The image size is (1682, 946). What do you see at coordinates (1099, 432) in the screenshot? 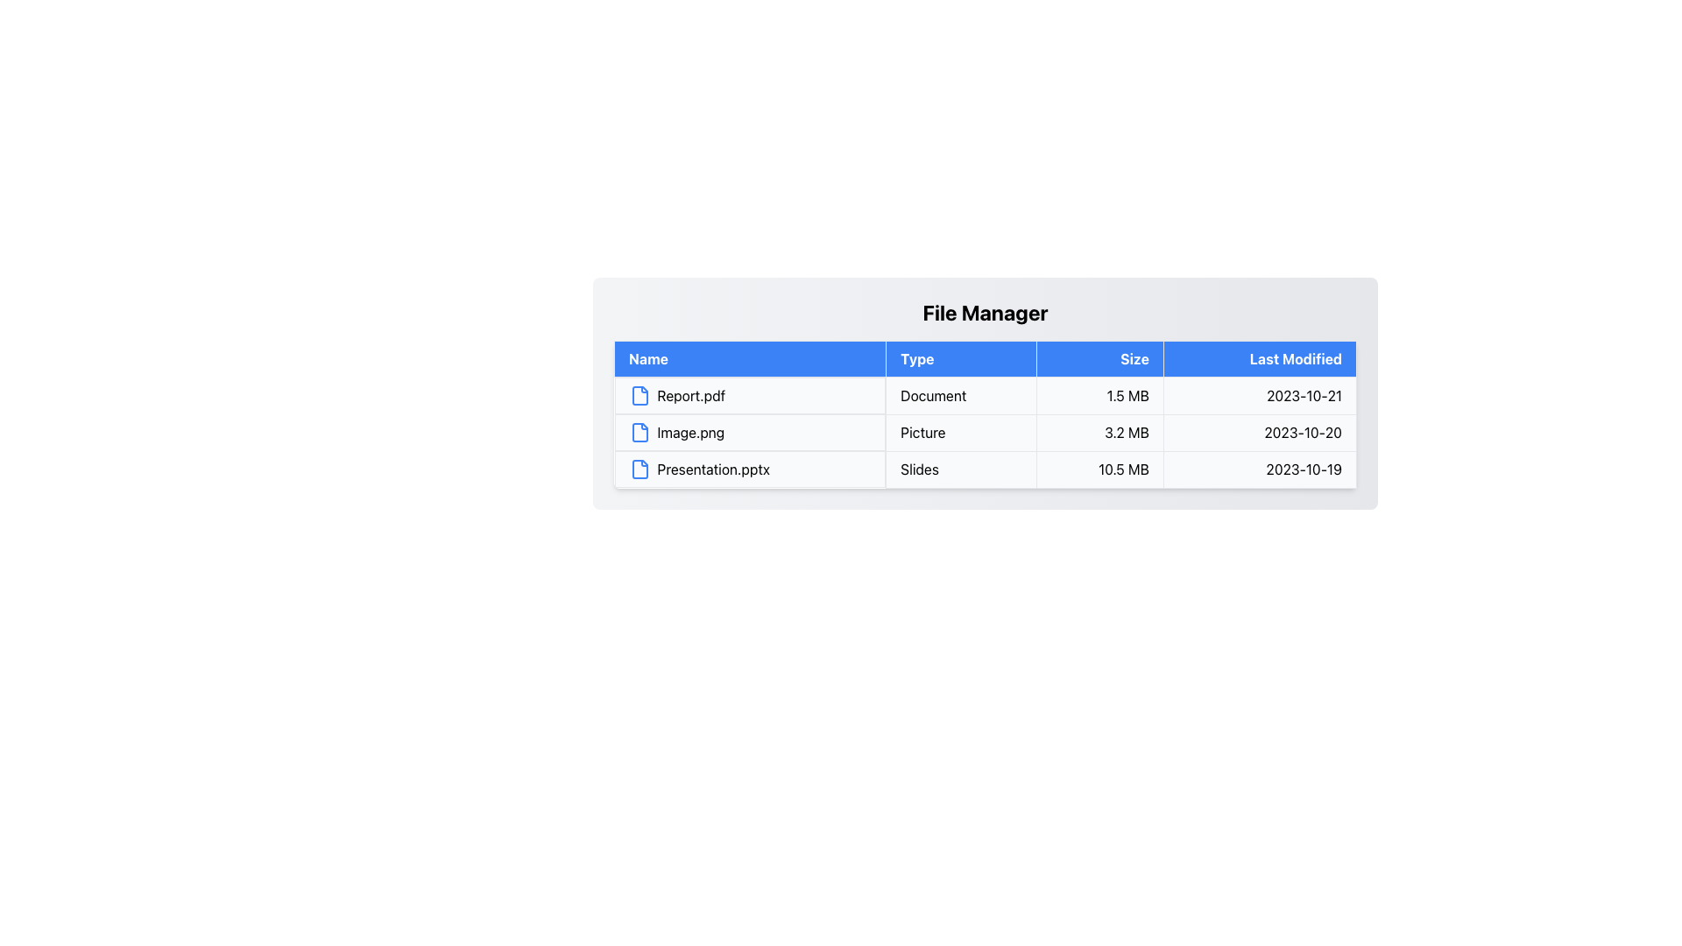
I see `the static text displaying '3.2 MB' in the 'Size' column of the data table, located in the third column of the second row, adjacent to 'Picture' and '2023-10-20'` at bounding box center [1099, 432].